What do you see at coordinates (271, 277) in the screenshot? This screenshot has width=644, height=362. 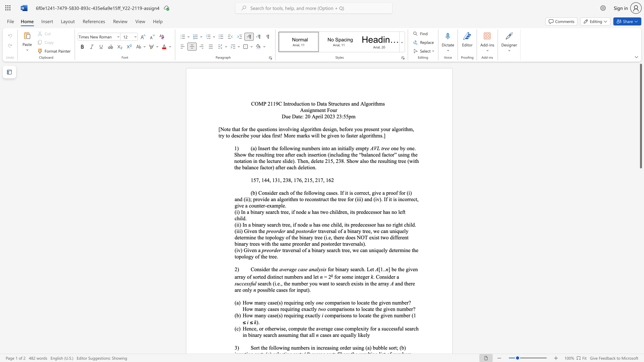 I see `the subset text "stinct nu" within the text "] be the given array of sorted distinct numbers and let"` at bounding box center [271, 277].